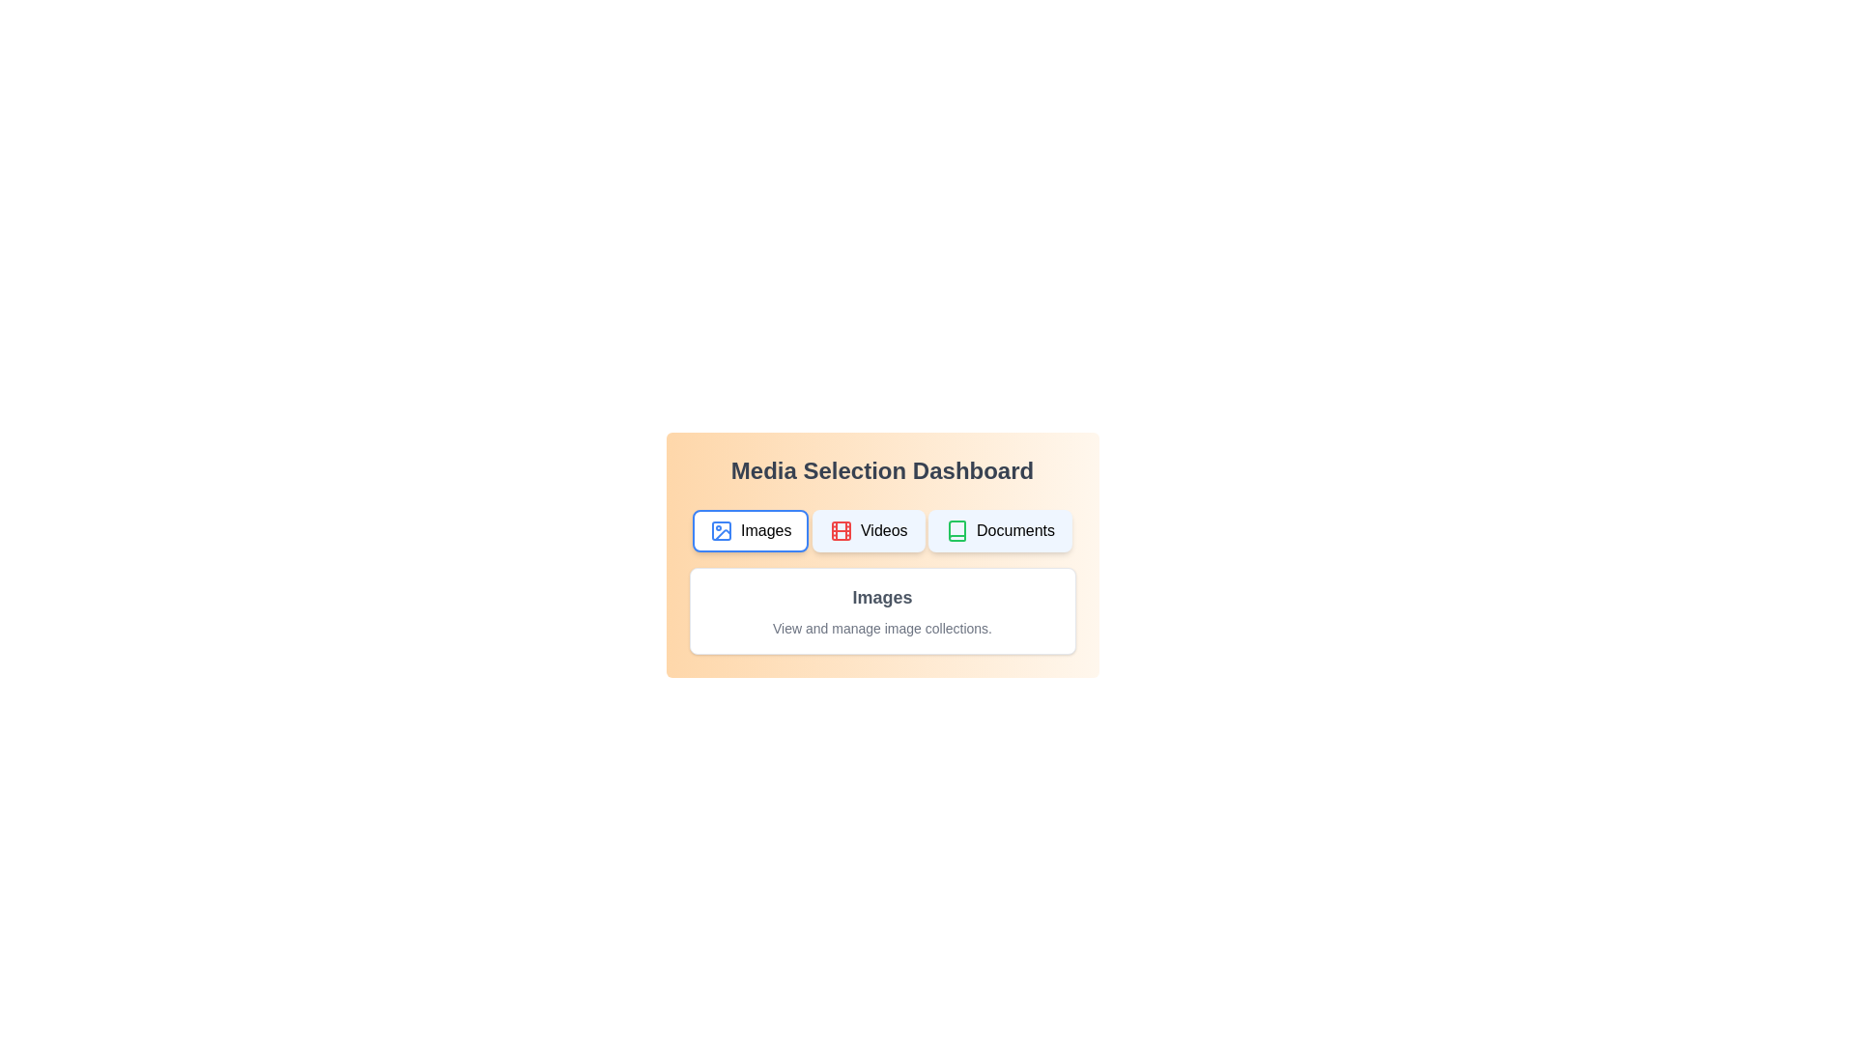 The height and width of the screenshot is (1043, 1855). Describe the element at coordinates (721, 531) in the screenshot. I see `the 'Images' category icon, which is the leftmost button in the Media Selection Dashboard section` at that location.